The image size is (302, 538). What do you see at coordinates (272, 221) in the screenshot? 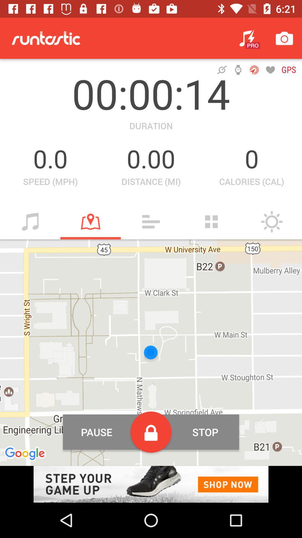
I see `sol` at bounding box center [272, 221].